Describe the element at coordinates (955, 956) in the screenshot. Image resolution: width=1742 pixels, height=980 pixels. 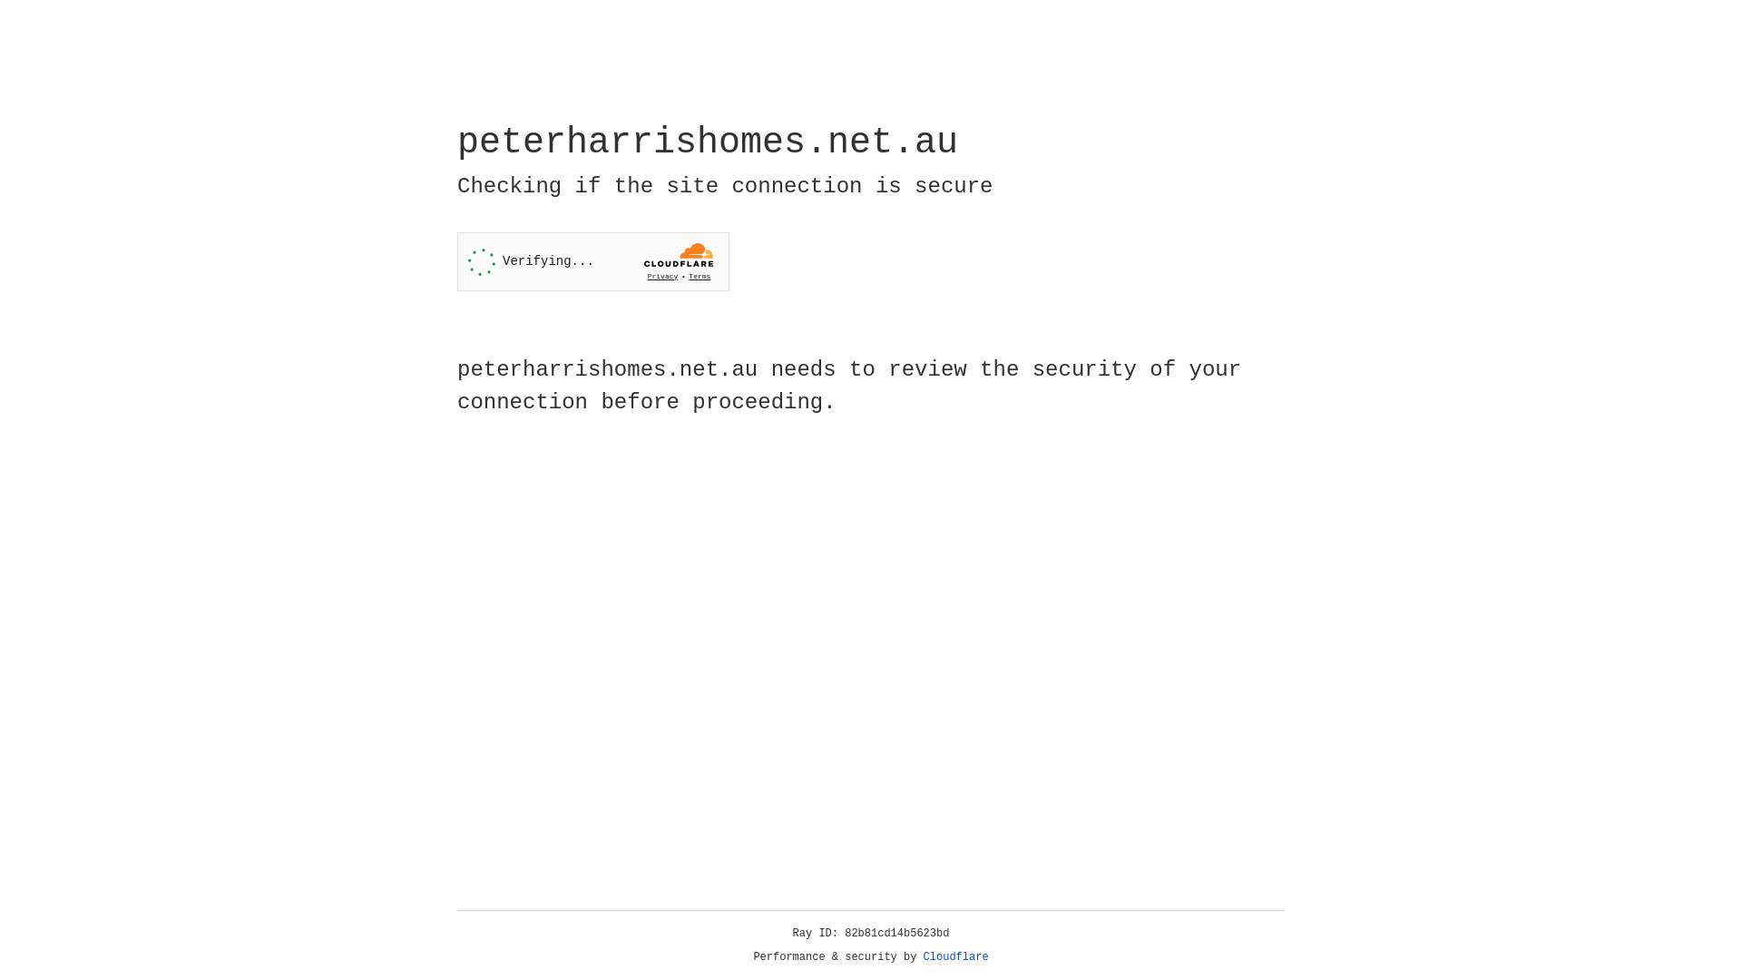
I see `'Cloudflare'` at that location.